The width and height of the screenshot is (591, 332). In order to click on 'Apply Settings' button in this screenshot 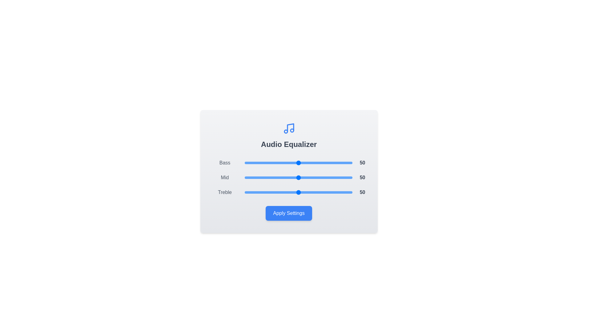, I will do `click(288, 213)`.